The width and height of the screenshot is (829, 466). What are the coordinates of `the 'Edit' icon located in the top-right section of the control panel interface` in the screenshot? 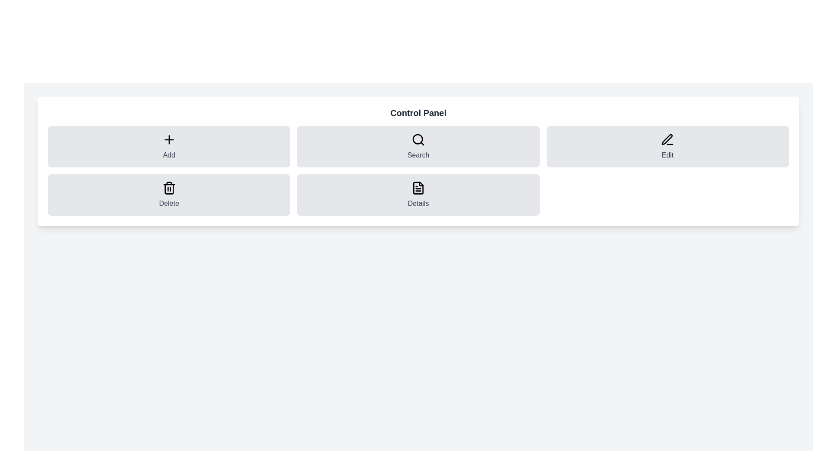 It's located at (667, 139).